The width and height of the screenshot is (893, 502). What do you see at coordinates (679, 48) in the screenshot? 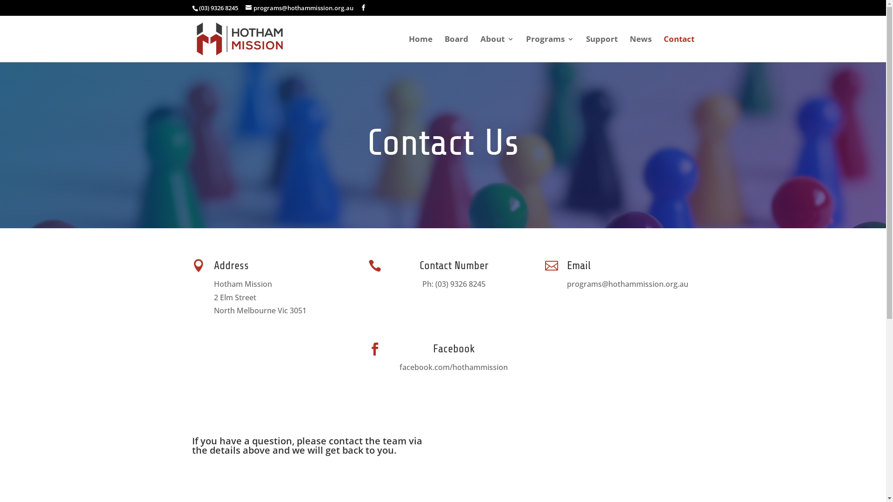
I see `'Contact'` at bounding box center [679, 48].